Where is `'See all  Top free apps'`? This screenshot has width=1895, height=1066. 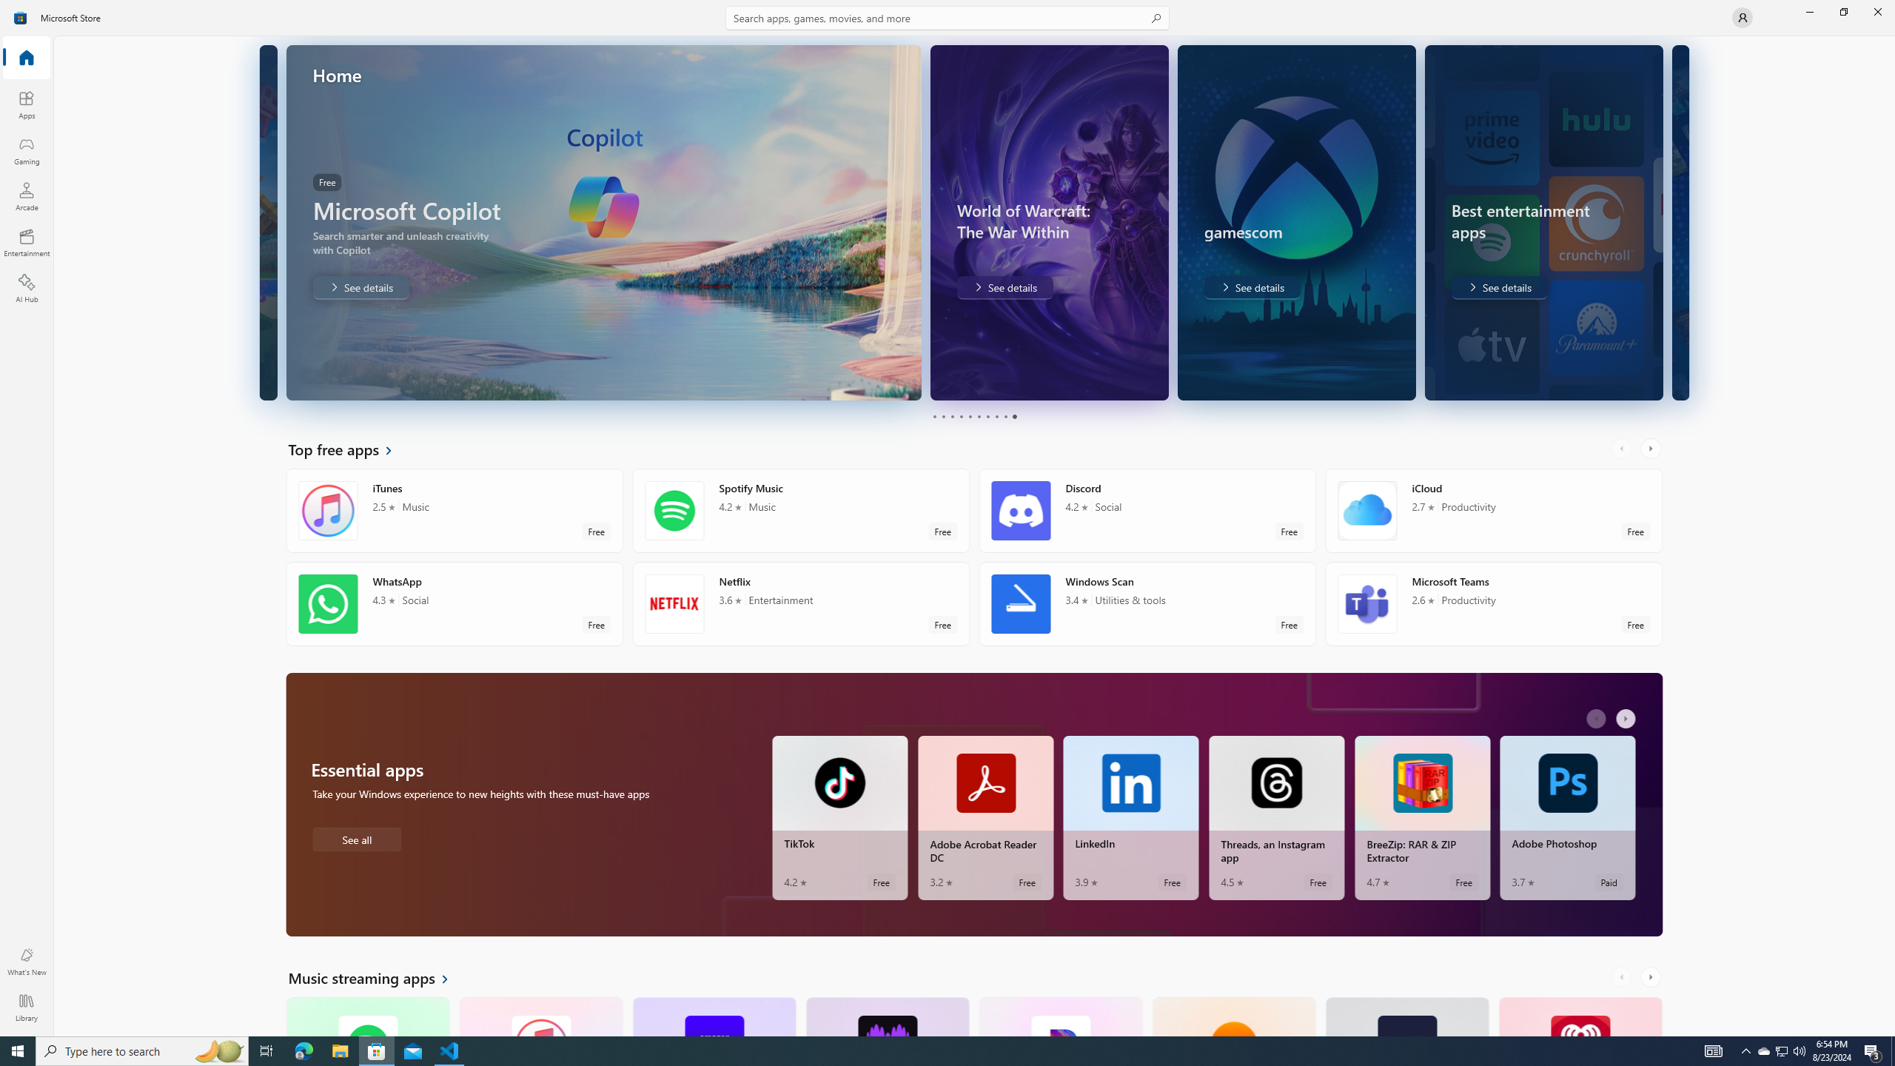
'See all  Top free apps' is located at coordinates (349, 448).